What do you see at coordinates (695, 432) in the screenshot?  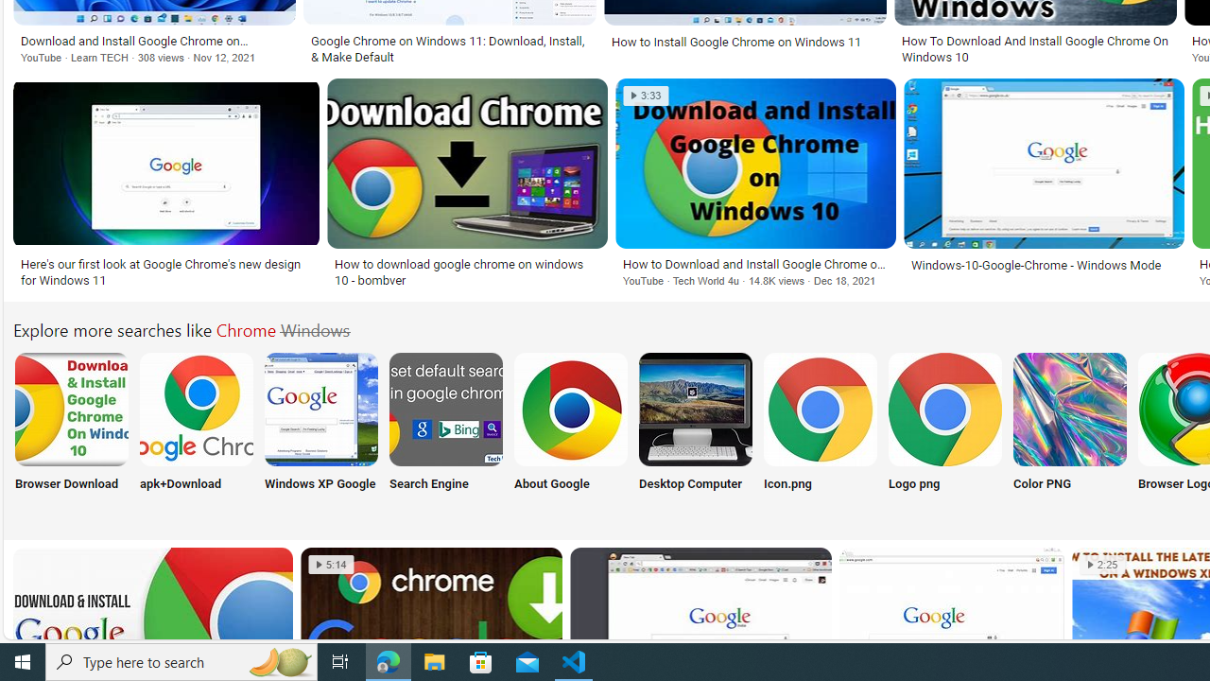 I see `'Desktop Computer'` at bounding box center [695, 432].